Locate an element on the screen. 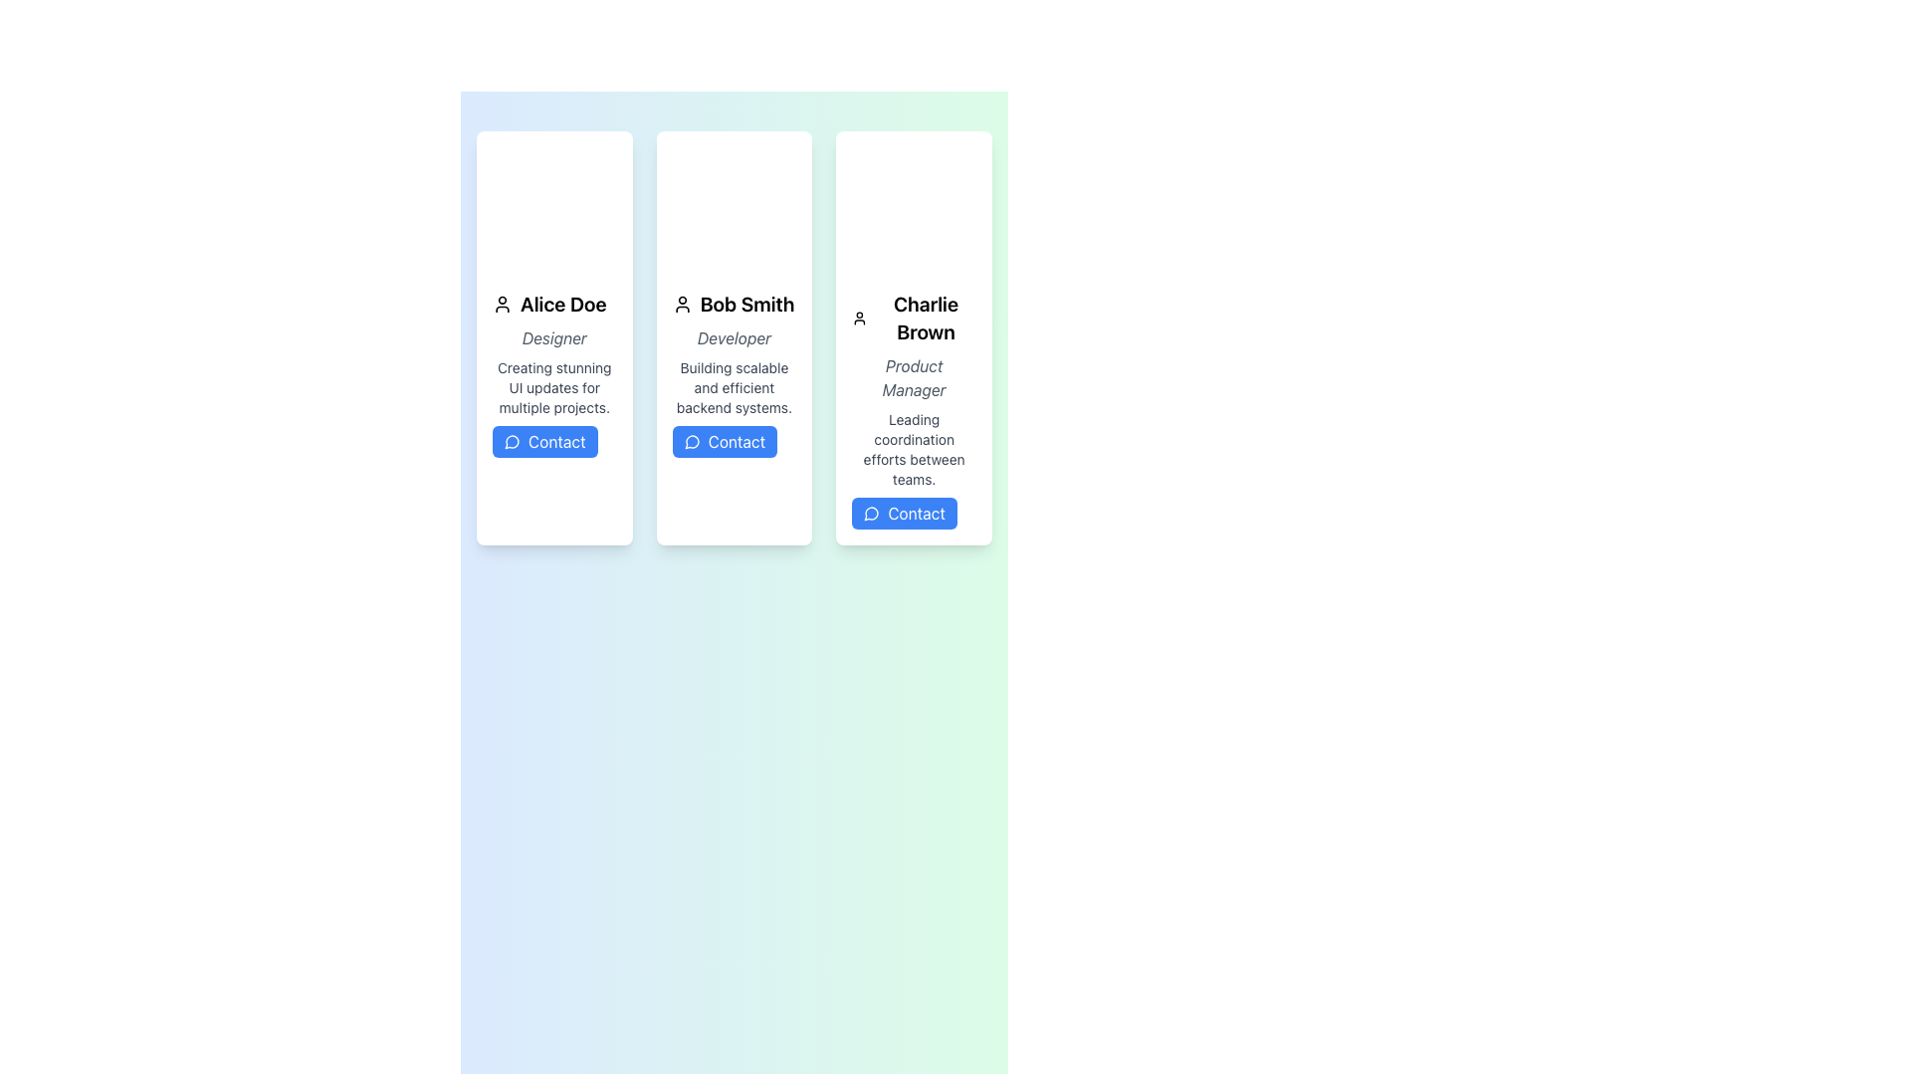 The image size is (1911, 1075). the text label styled in gray and italic that displays 'Product Manager', located beneath the bold header 'Charlie Brown' within the third card from the left is located at coordinates (913, 378).